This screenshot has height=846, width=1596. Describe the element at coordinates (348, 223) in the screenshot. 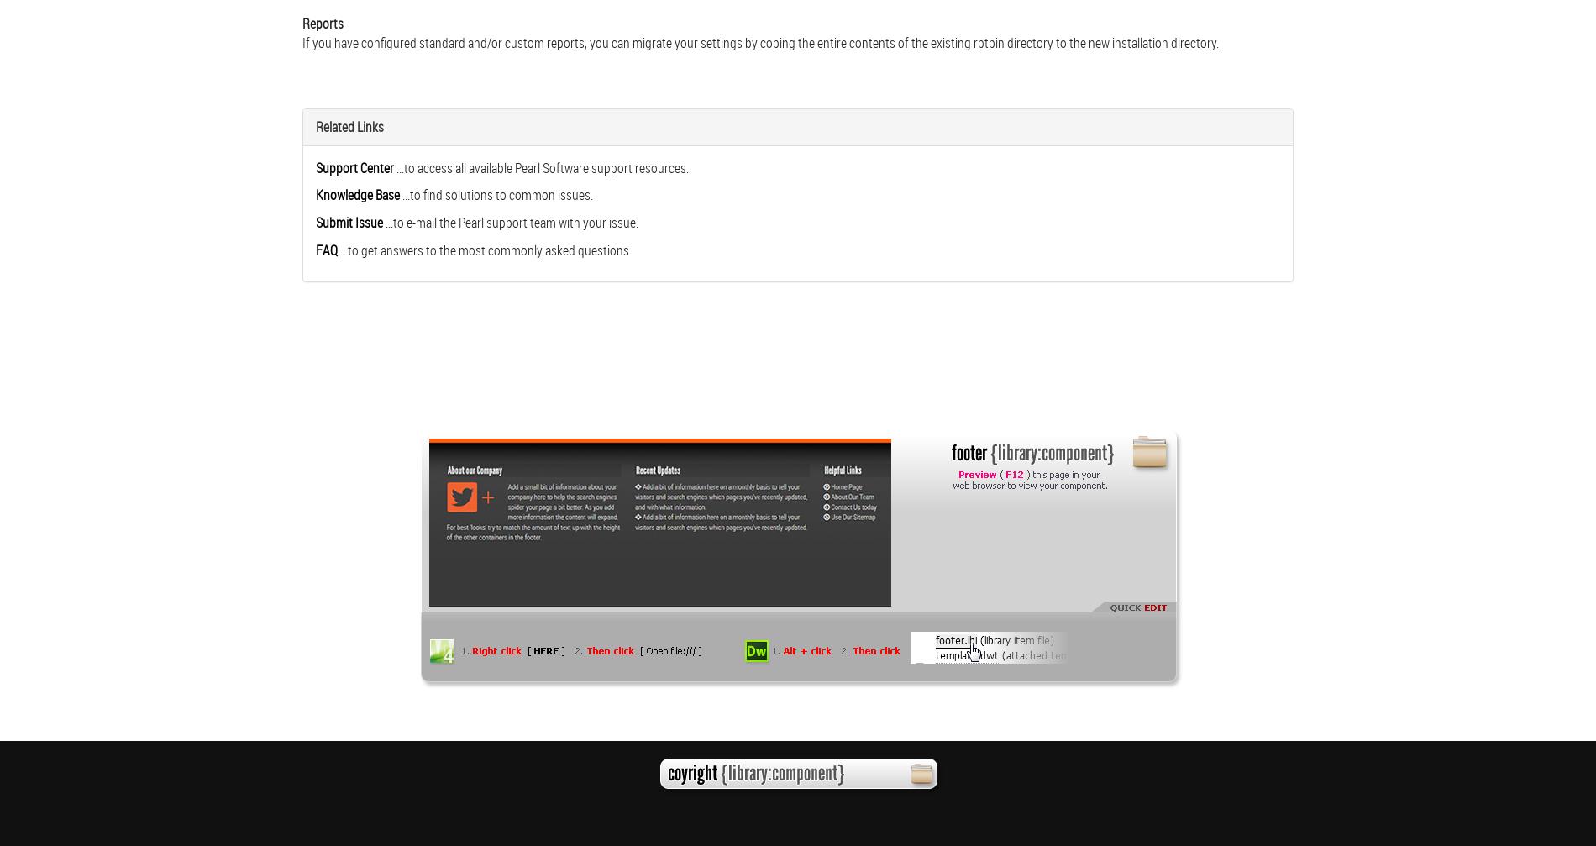

I see `'Submit Issue'` at that location.